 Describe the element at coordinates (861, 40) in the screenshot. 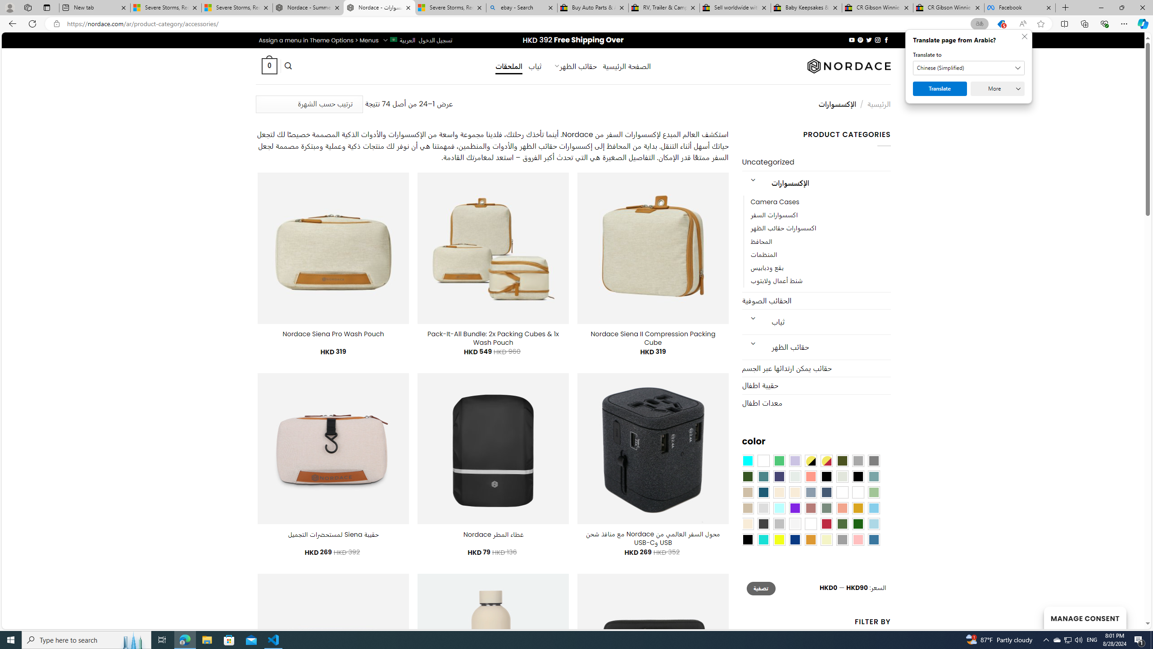

I see `'Follow on Pinterest'` at that location.